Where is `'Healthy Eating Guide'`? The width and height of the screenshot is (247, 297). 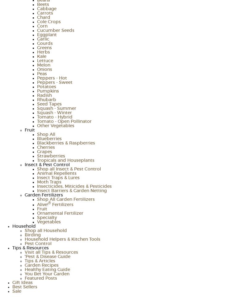 'Healthy Eating Guide' is located at coordinates (47, 269).